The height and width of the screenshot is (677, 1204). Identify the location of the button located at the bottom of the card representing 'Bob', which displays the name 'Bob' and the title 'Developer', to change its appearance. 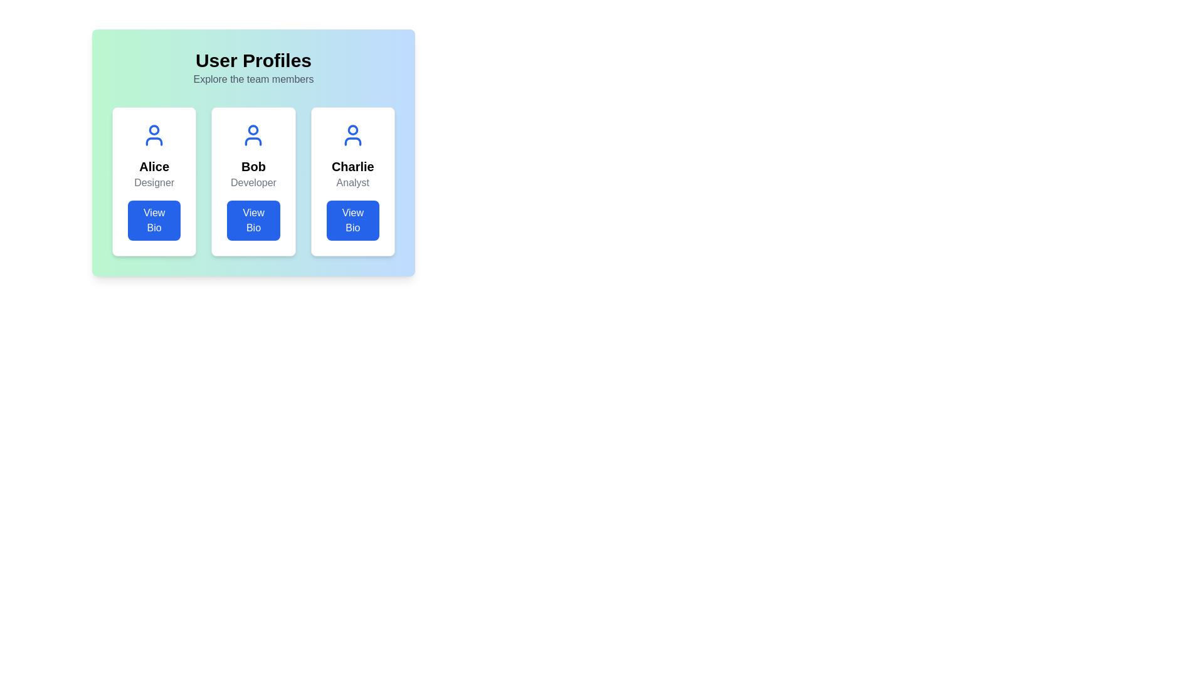
(253, 219).